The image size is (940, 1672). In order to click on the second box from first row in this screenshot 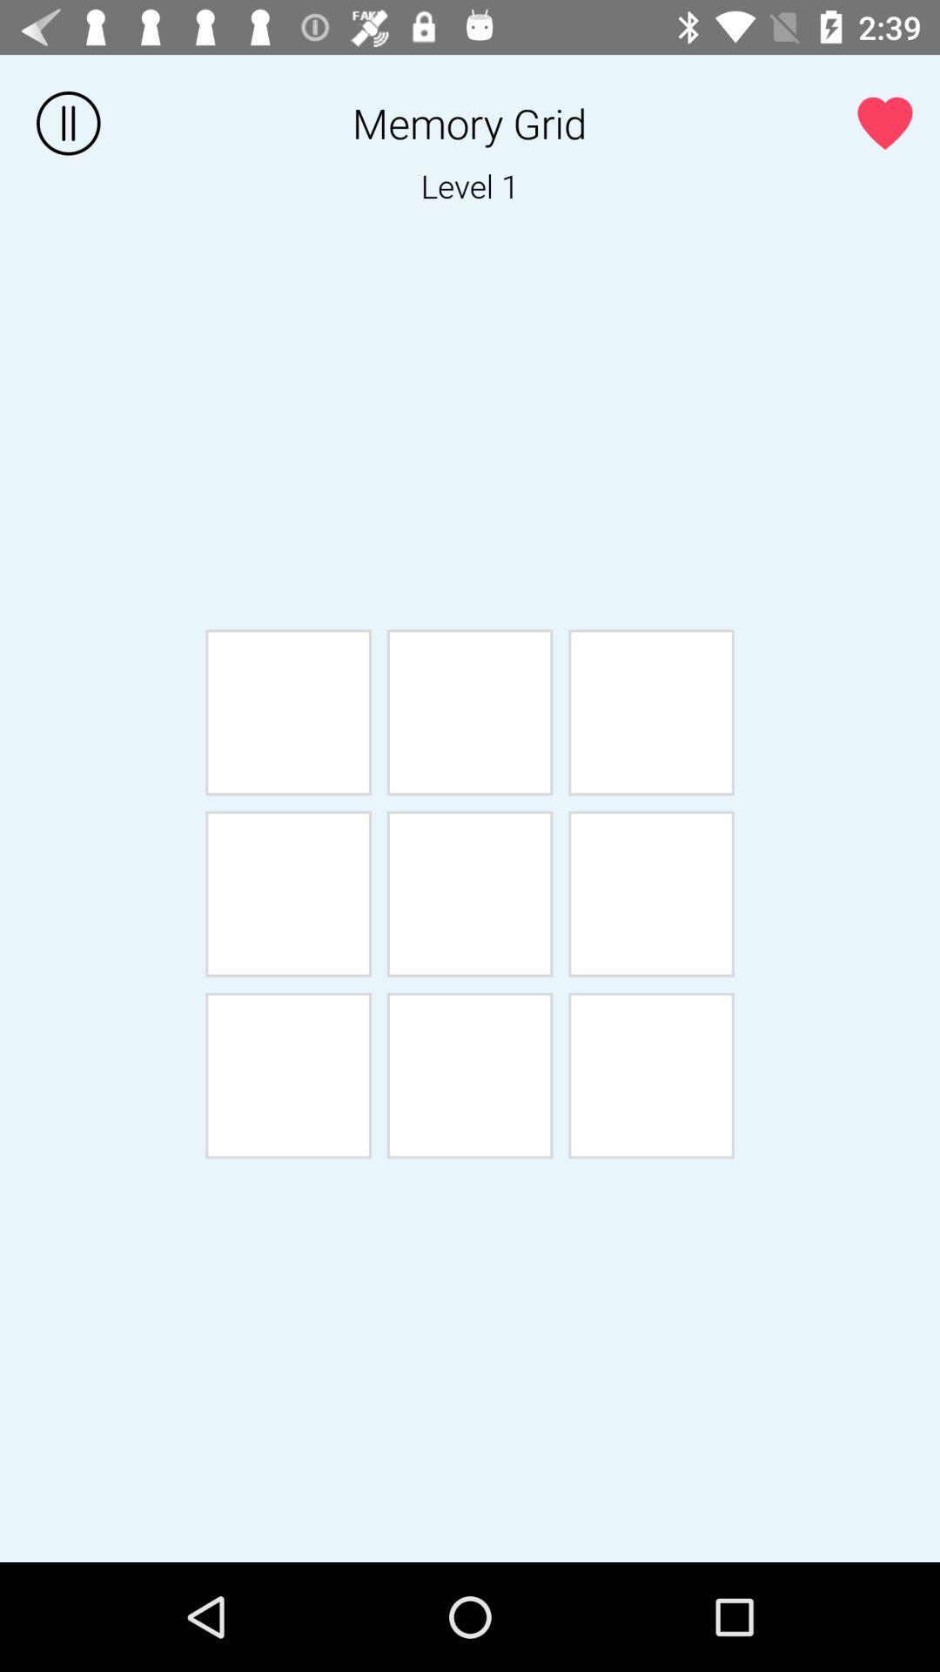, I will do `click(470, 712)`.